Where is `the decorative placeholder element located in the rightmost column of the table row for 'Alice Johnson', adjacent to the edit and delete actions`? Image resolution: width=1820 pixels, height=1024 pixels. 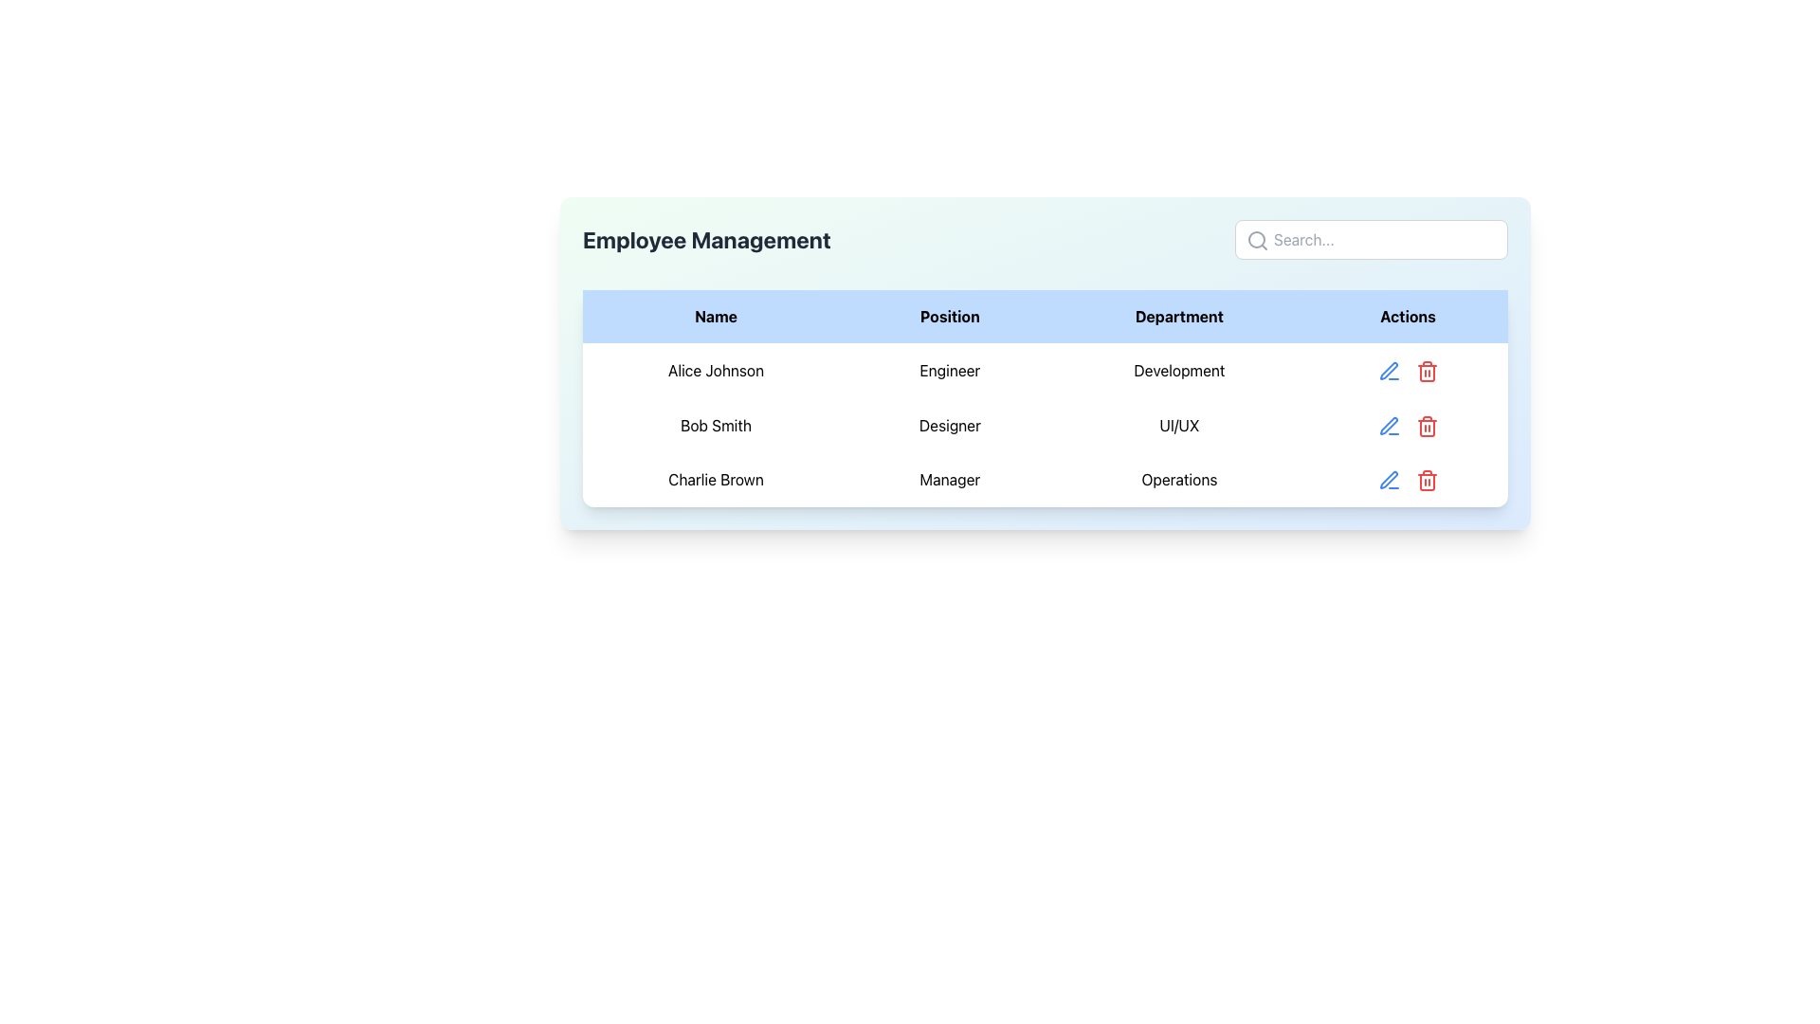
the decorative placeholder element located in the rightmost column of the table row for 'Alice Johnson', adjacent to the edit and delete actions is located at coordinates (1408, 370).